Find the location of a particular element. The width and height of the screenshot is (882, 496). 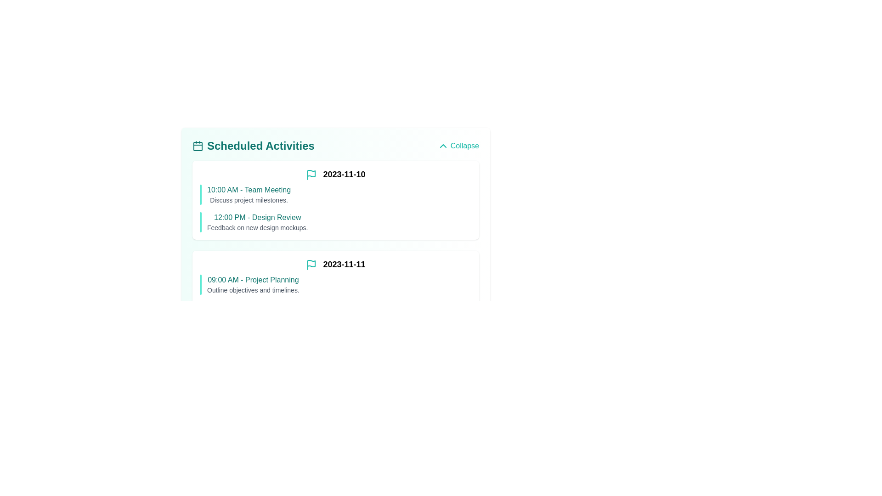

the static text label displaying '12:00 PM - Design Review', which is styled with medium font weight and teal color, located between '10:00 AM - Team Meeting' and '09:00 AM - Project Planning' is located at coordinates (257, 218).